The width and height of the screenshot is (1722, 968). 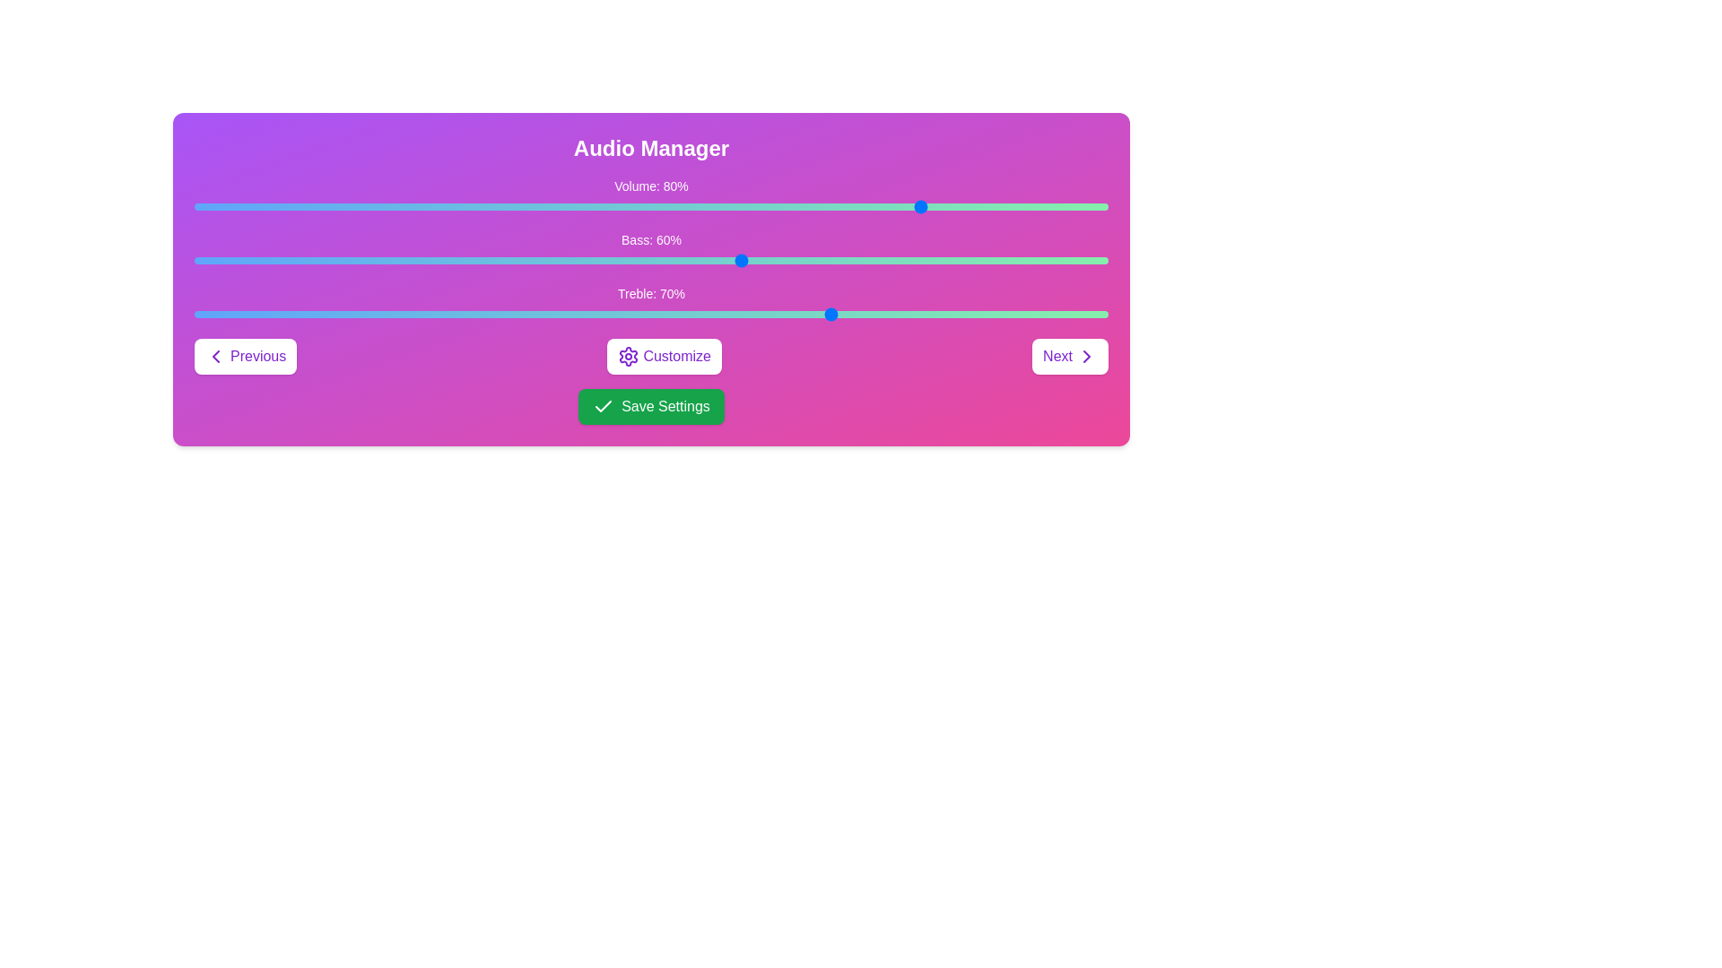 What do you see at coordinates (1044, 206) in the screenshot?
I see `the slider value` at bounding box center [1044, 206].